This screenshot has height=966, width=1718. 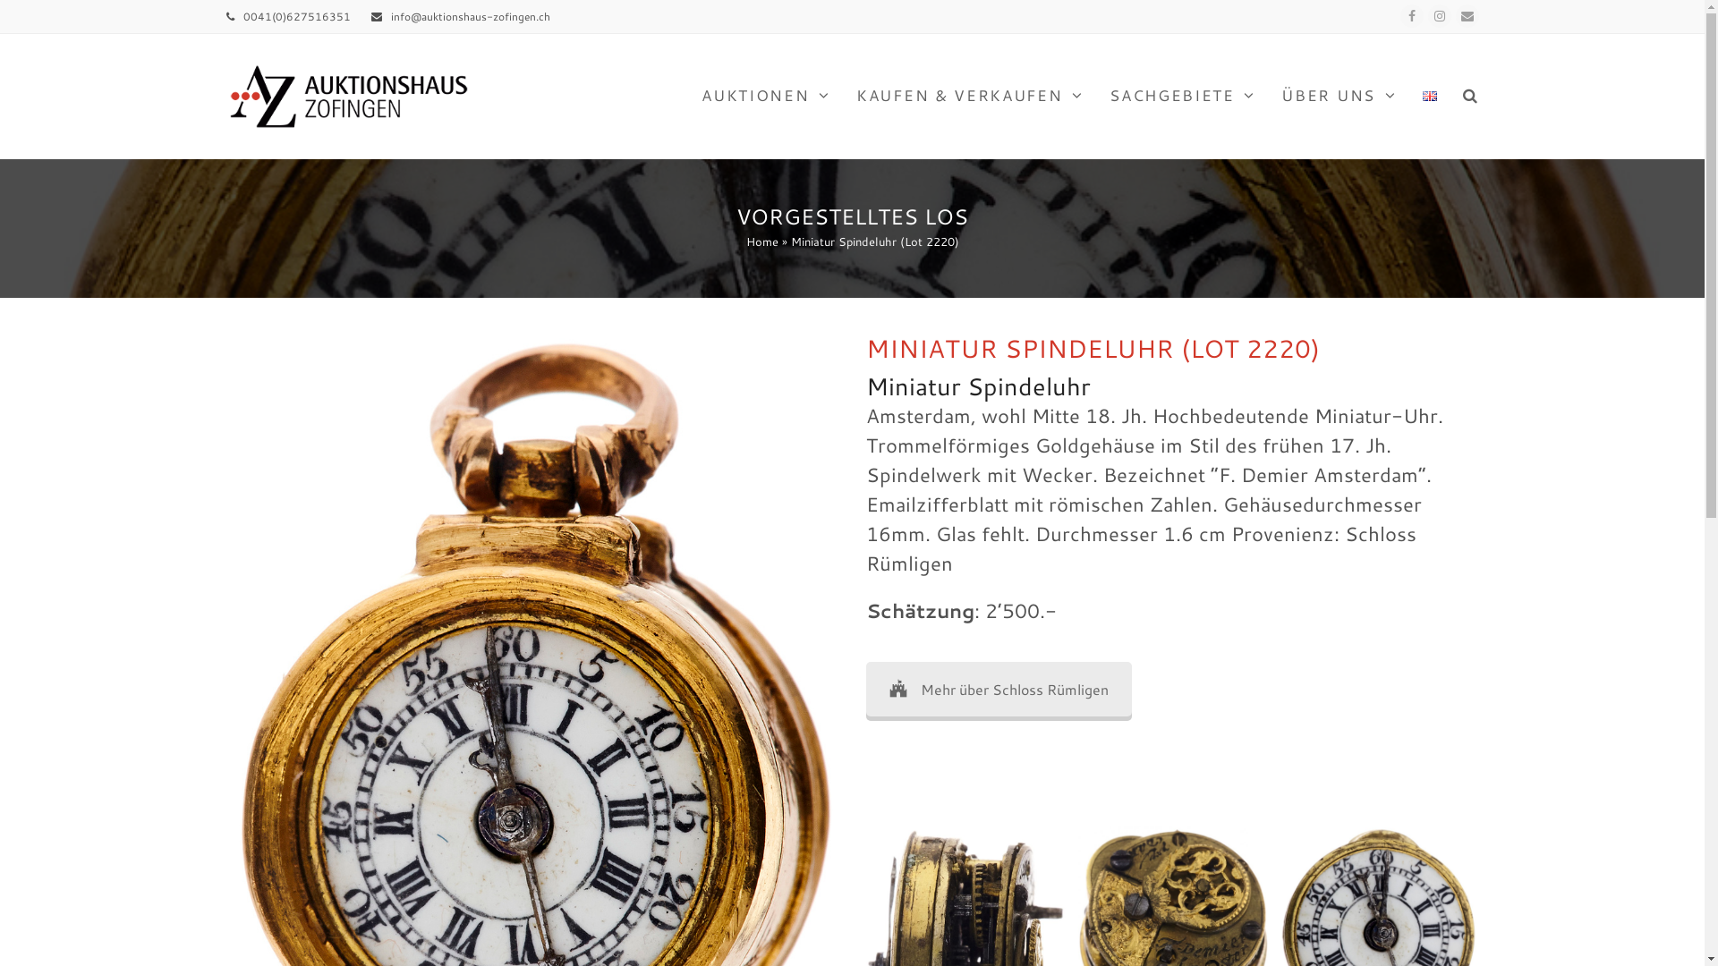 I want to click on 'KAUFEN & VERKAUFEN', so click(x=969, y=97).